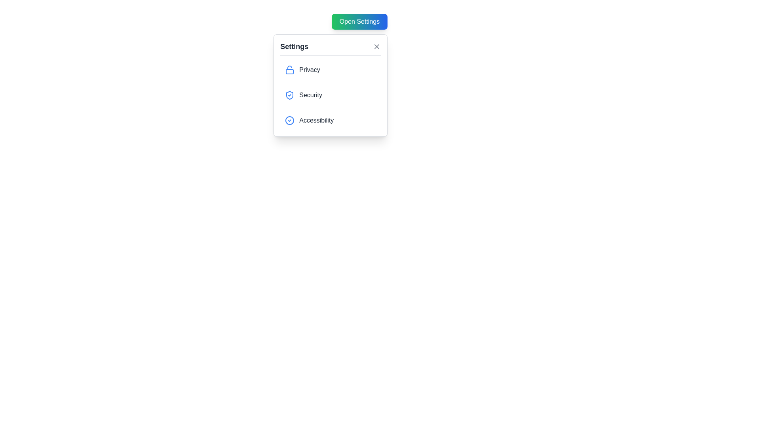 This screenshot has height=427, width=760. Describe the element at coordinates (376, 47) in the screenshot. I see `the close icon (X) located in the top right corner of the 'Settings' modal` at that location.